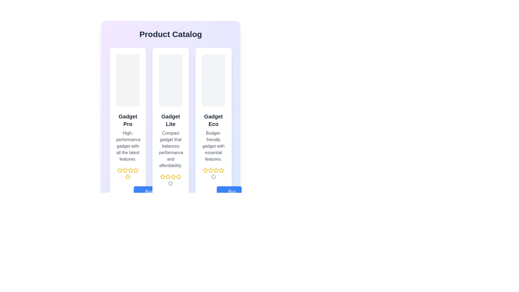  I want to click on the rating indicator with five star icons, where four stars are gold and one is a different shade, to understand the product rating, so click(170, 180).